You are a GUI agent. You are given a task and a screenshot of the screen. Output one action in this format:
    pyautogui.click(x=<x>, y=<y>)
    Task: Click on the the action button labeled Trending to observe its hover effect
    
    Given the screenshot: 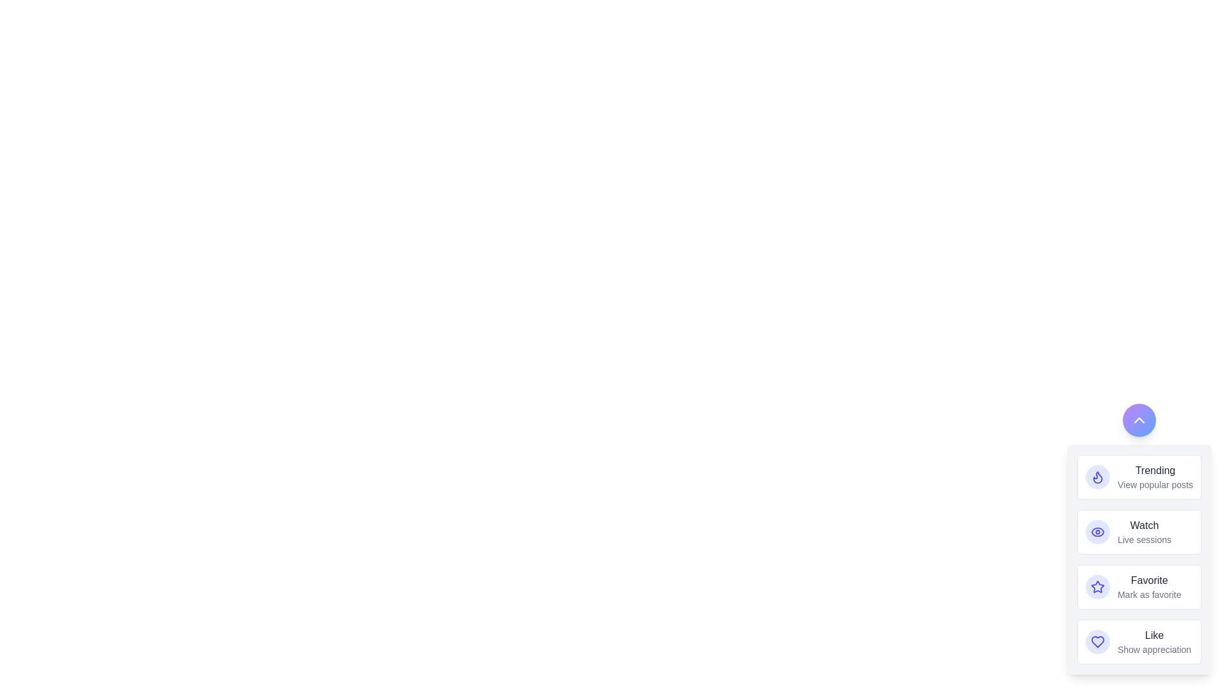 What is the action you would take?
    pyautogui.click(x=1097, y=477)
    